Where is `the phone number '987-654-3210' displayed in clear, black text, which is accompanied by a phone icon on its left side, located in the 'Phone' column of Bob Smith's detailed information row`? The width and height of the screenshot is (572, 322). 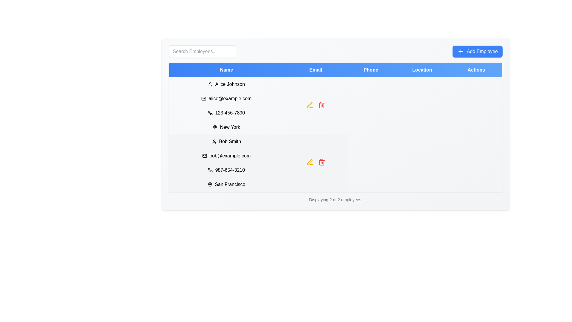 the phone number '987-654-3210' displayed in clear, black text, which is accompanied by a phone icon on its left side, located in the 'Phone' column of Bob Smith's detailed information row is located at coordinates (226, 170).